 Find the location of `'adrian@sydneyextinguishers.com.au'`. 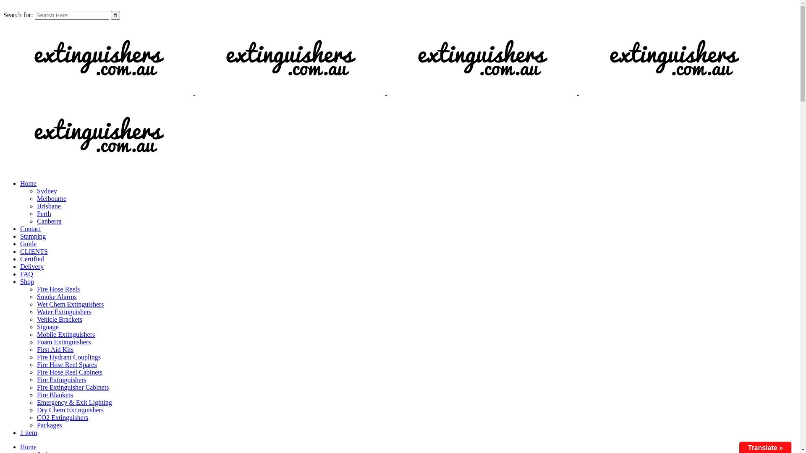

'adrian@sydneyextinguishers.com.au' is located at coordinates (55, 7).